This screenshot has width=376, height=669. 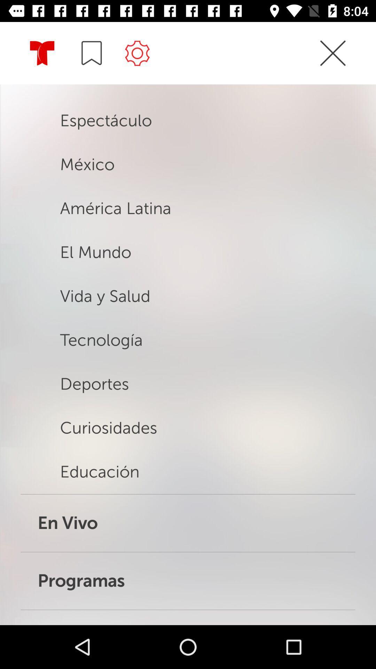 What do you see at coordinates (188, 472) in the screenshot?
I see `the option educacion` at bounding box center [188, 472].